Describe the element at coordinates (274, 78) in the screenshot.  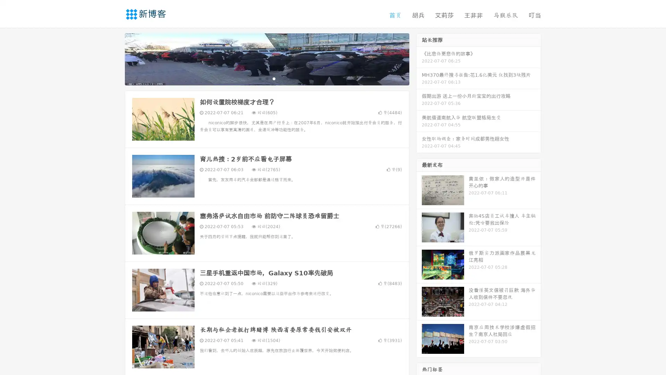
I see `Go to slide 3` at that location.